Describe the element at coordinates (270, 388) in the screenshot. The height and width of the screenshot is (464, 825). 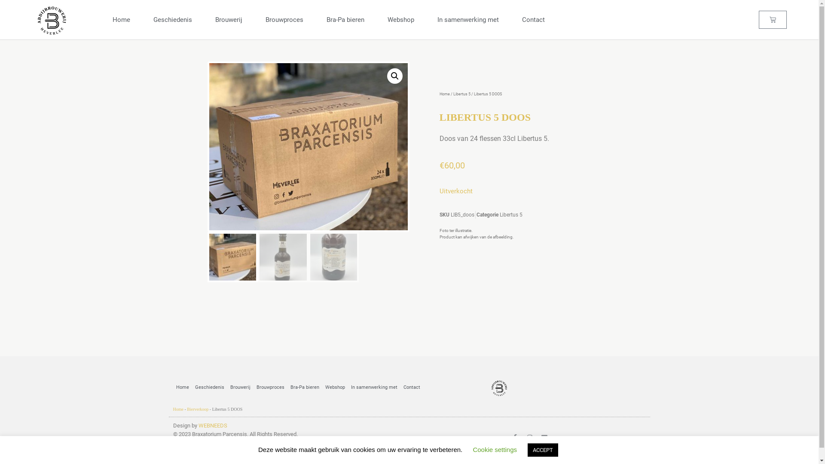
I see `'Brouwproces'` at that location.